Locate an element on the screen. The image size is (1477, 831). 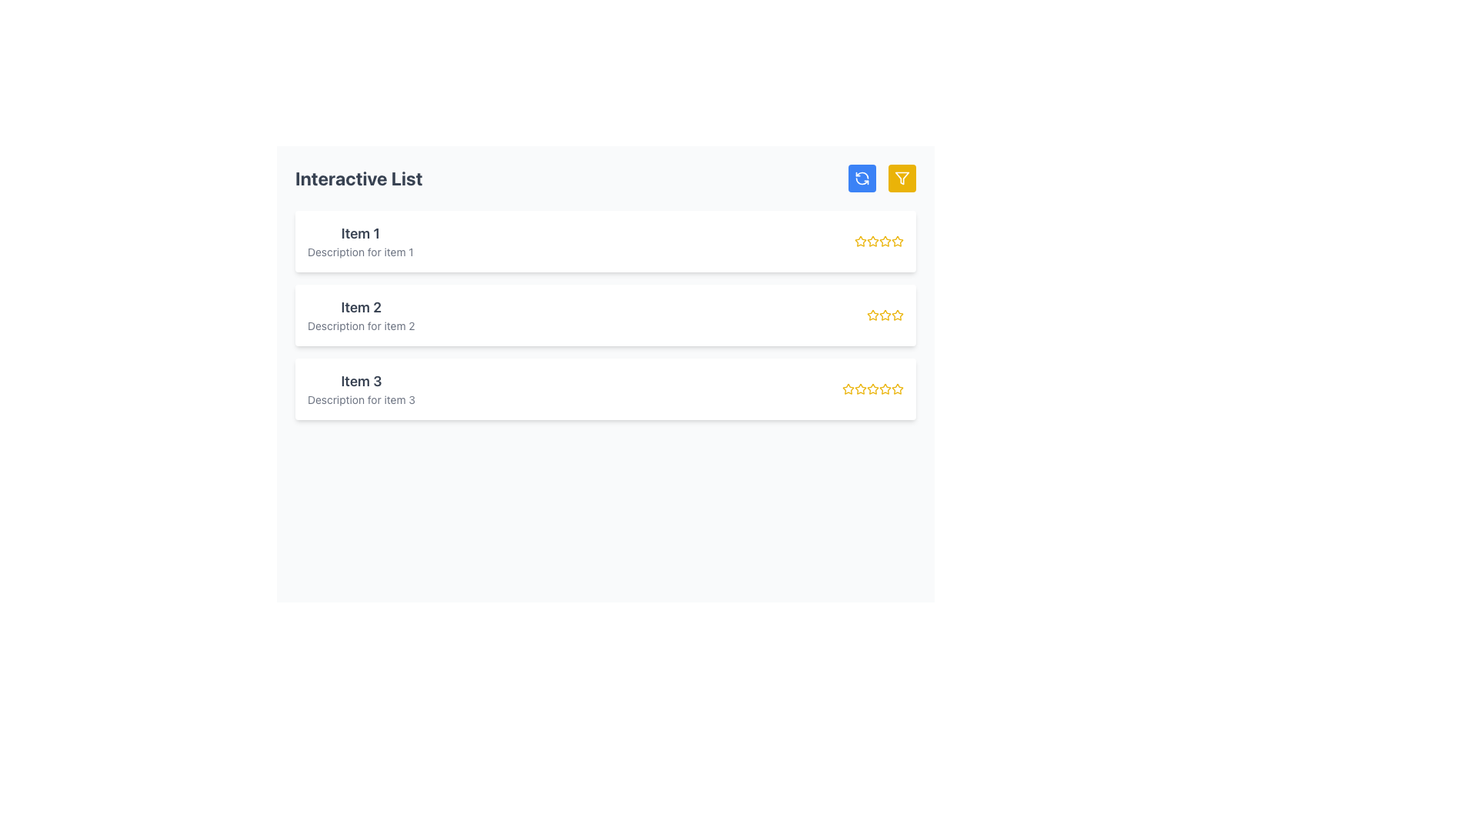
the second star icon in the rating component of the third item in the interactive list is located at coordinates (872, 388).